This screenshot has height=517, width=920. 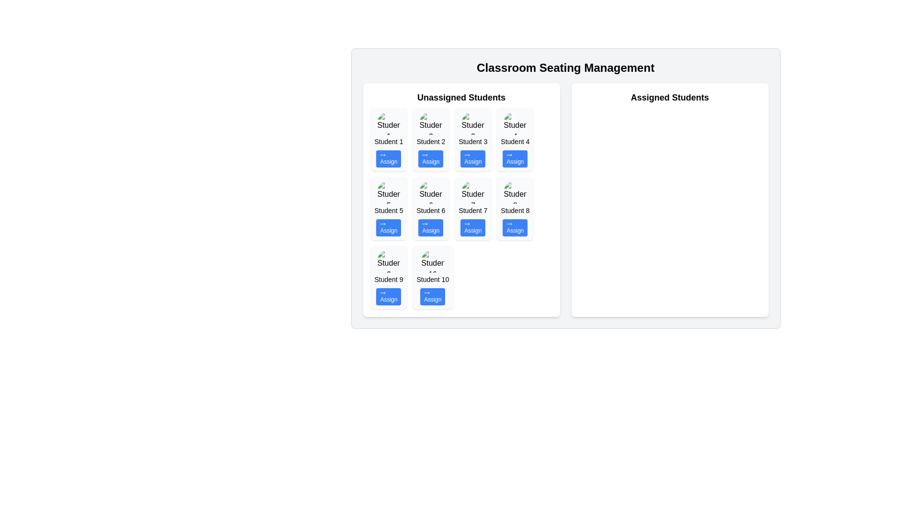 I want to click on the profile picture of 'Student 4' located in the 'Unassigned Students' section, which is the fourth item in the grid, so click(x=515, y=123).